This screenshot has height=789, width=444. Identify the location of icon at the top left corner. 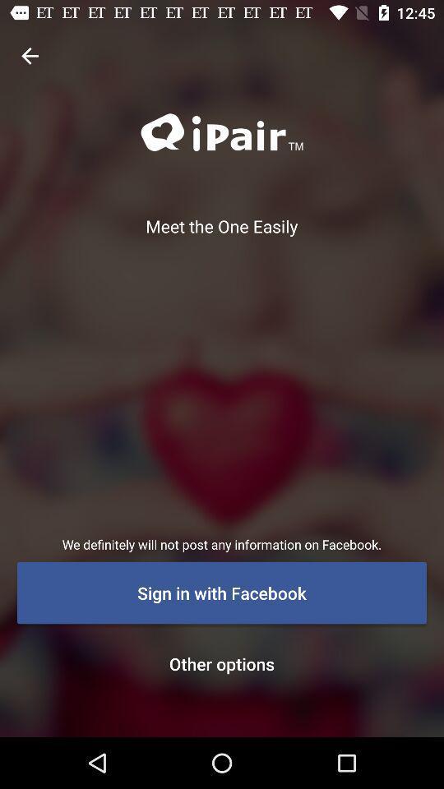
(30, 56).